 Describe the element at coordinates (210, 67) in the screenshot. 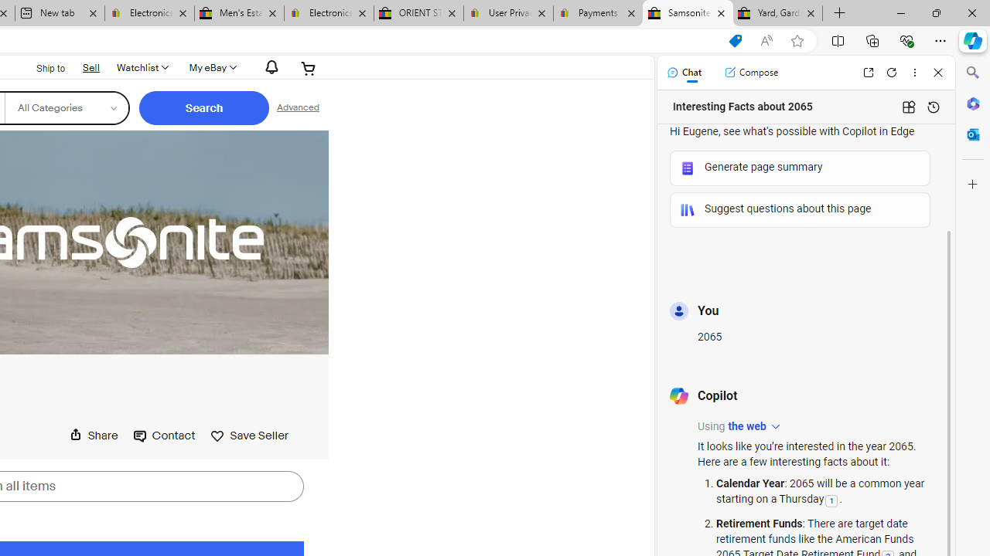

I see `'My eBayExpand My eBay'` at that location.